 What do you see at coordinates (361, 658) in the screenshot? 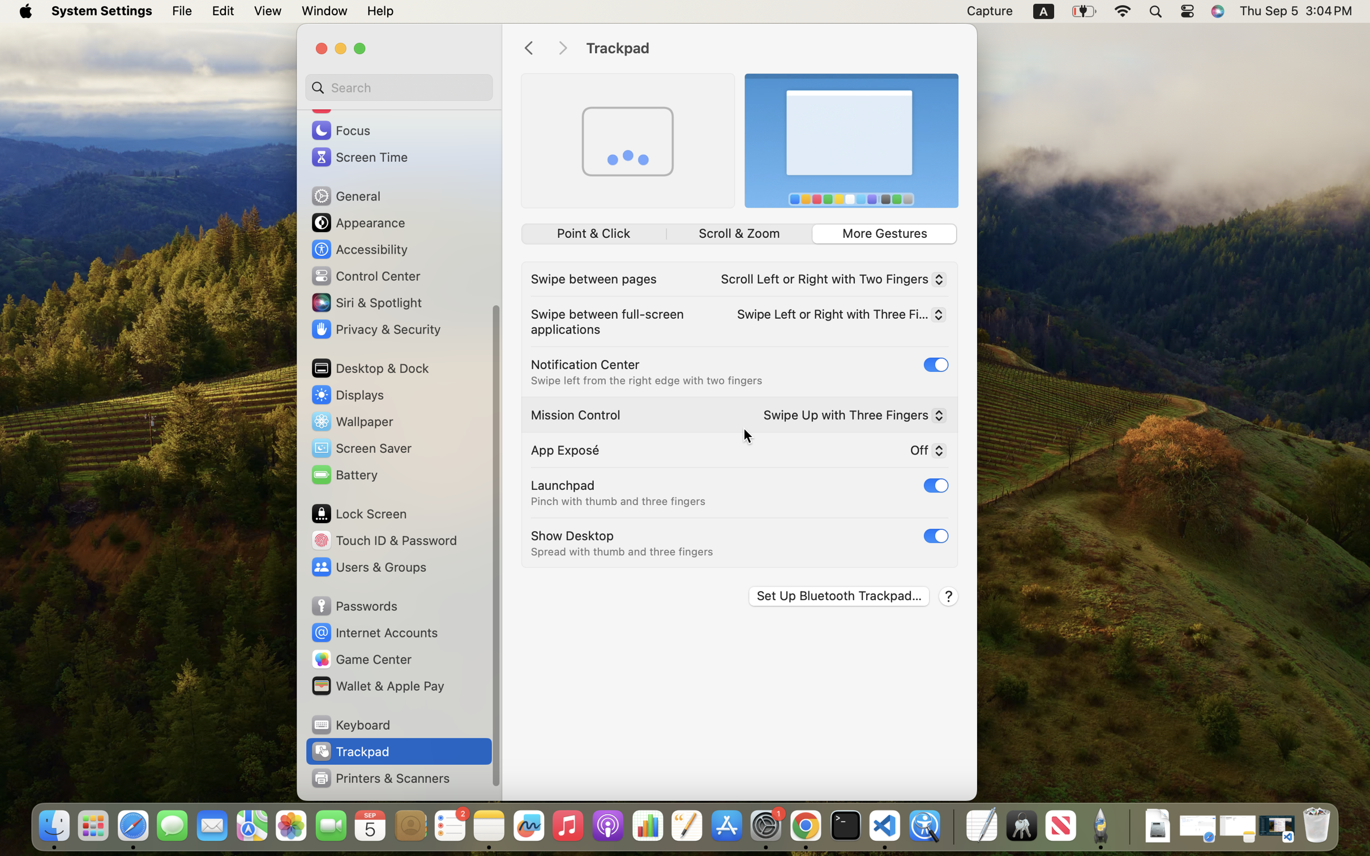
I see `'Game Center'` at bounding box center [361, 658].